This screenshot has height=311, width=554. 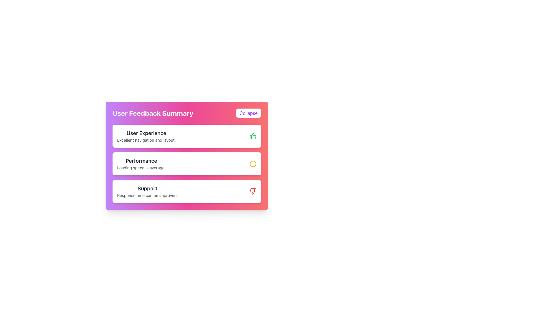 What do you see at coordinates (147, 191) in the screenshot?
I see `the textual element that displays 'Support' and the description 'Response time can be improved.' within the third card of the 'User Feedback Summary' section` at bounding box center [147, 191].